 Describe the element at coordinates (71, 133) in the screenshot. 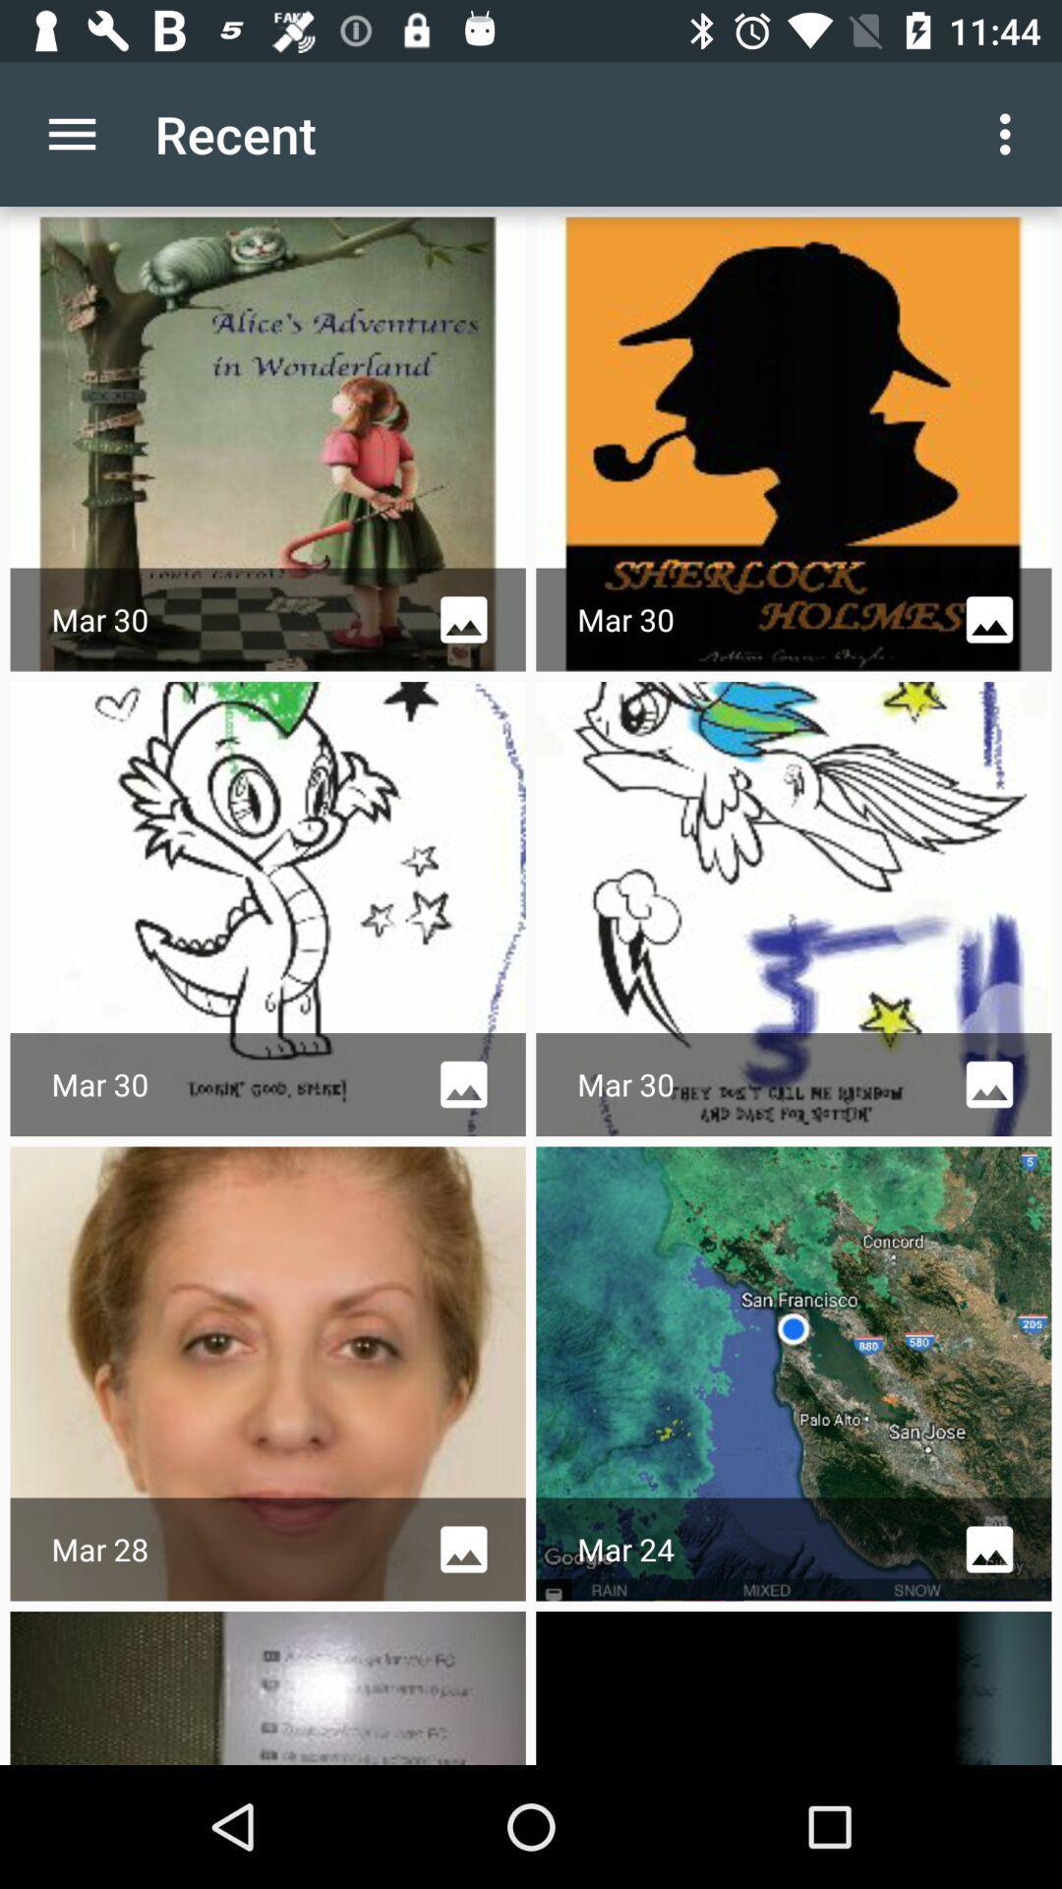

I see `icon next to recent app` at that location.